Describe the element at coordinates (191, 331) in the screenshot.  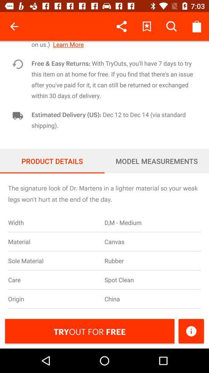
I see `icon to the right of tryout for free icon` at that location.